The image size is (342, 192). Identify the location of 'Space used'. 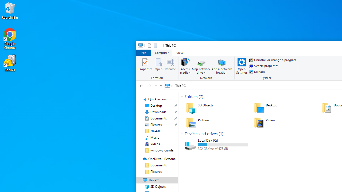
(223, 145).